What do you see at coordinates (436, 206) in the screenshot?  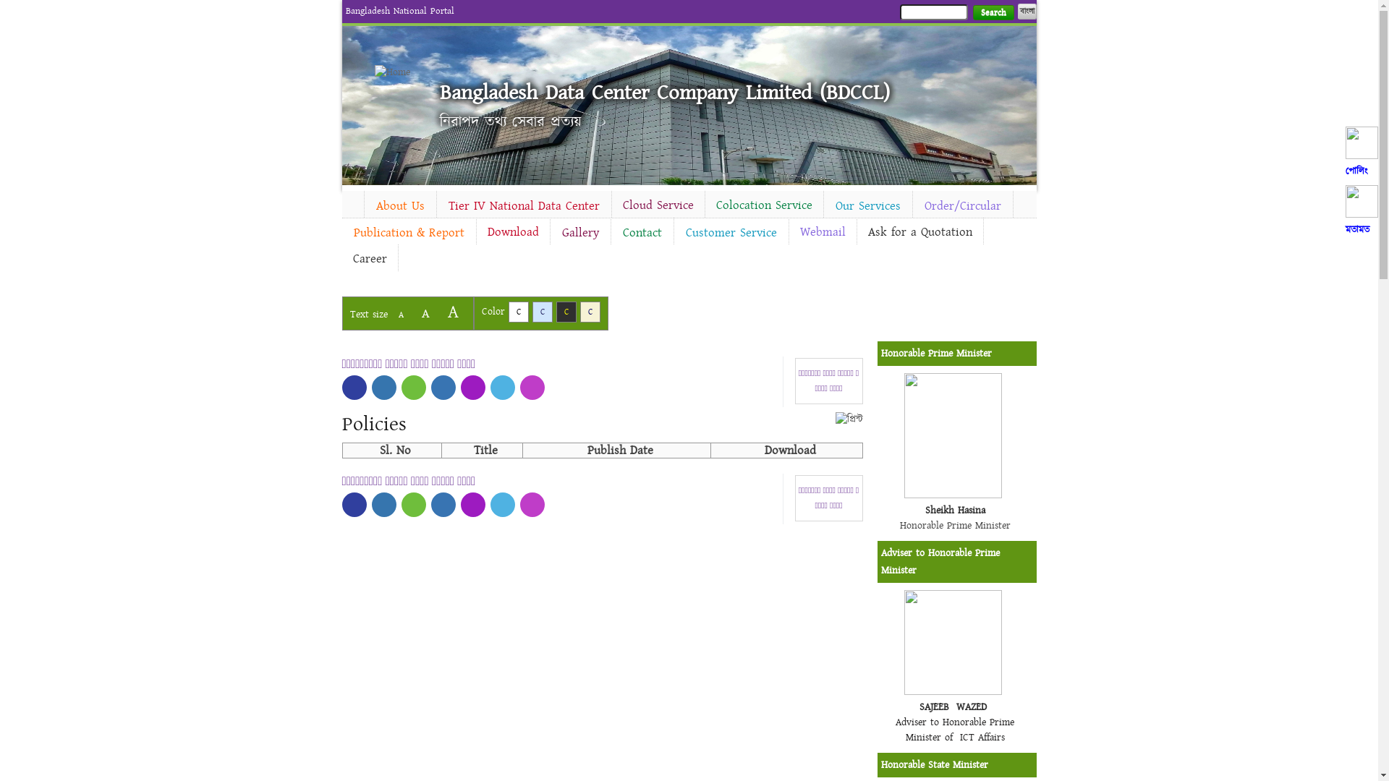 I see `'Tier IV National Data Center'` at bounding box center [436, 206].